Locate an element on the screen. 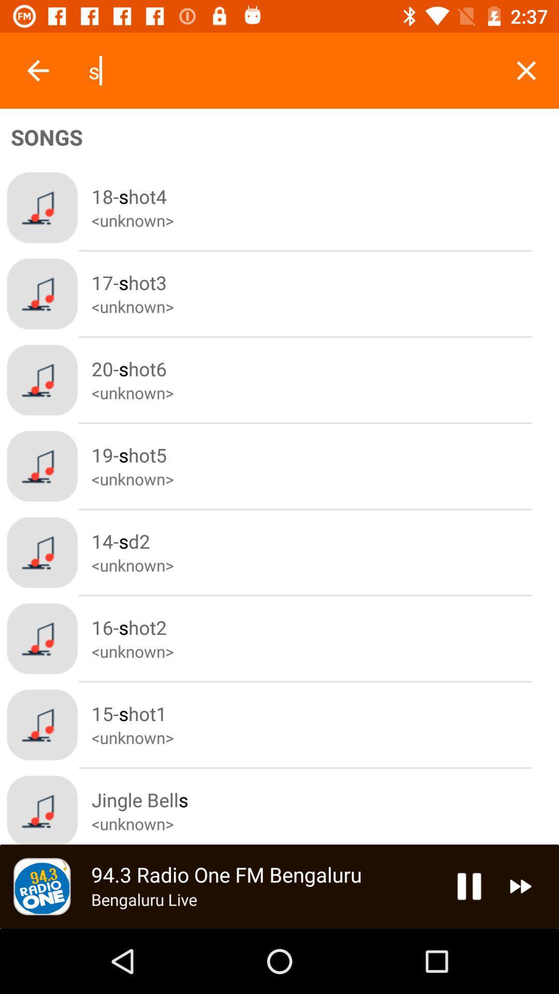  the s item is located at coordinates (290, 70).